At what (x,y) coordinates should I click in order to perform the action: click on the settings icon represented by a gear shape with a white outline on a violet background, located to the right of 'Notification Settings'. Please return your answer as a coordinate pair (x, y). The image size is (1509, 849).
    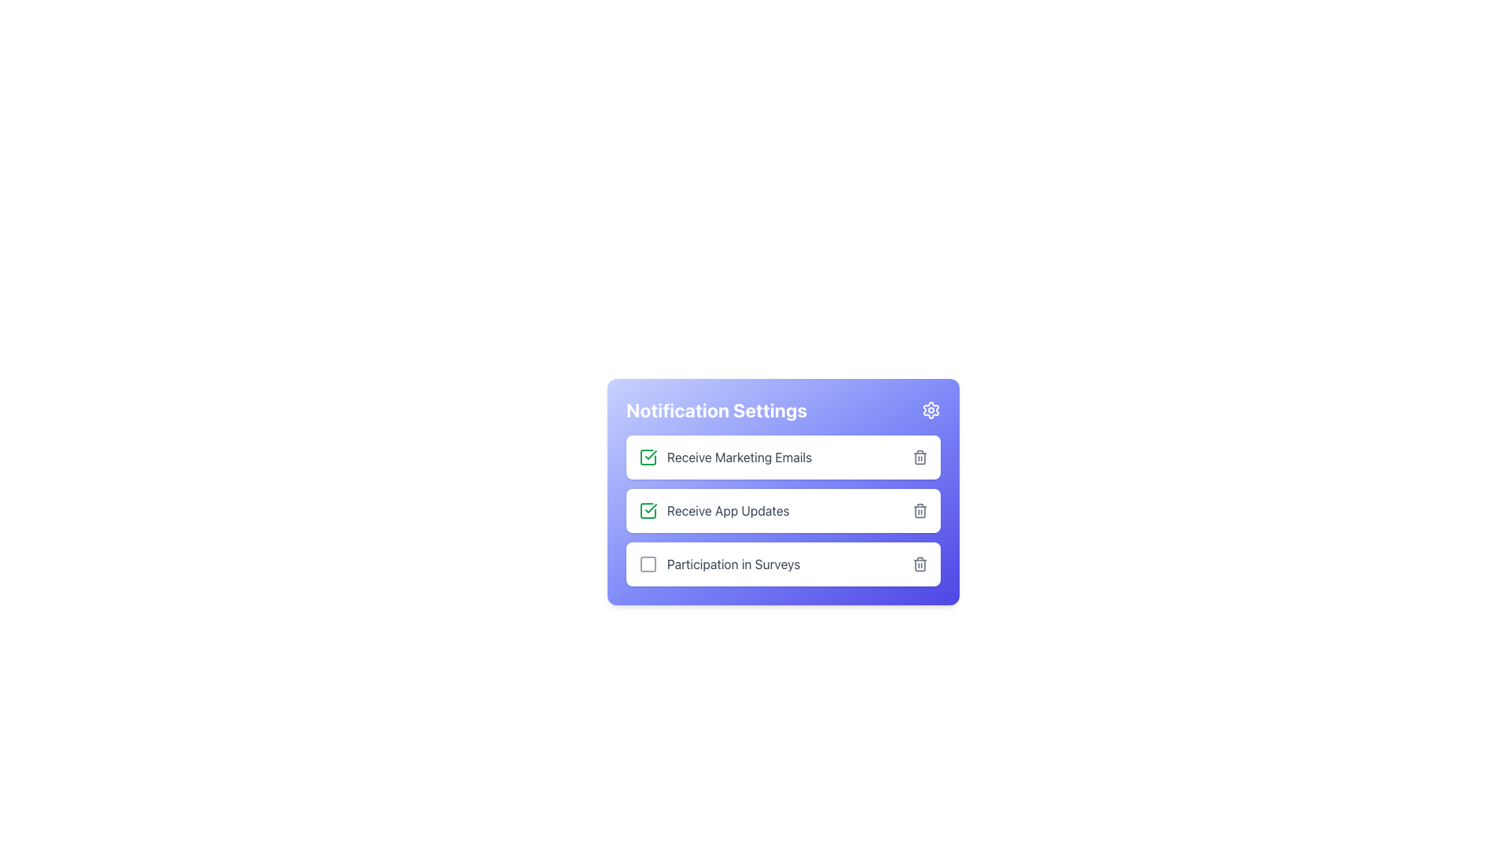
    Looking at the image, I should click on (931, 409).